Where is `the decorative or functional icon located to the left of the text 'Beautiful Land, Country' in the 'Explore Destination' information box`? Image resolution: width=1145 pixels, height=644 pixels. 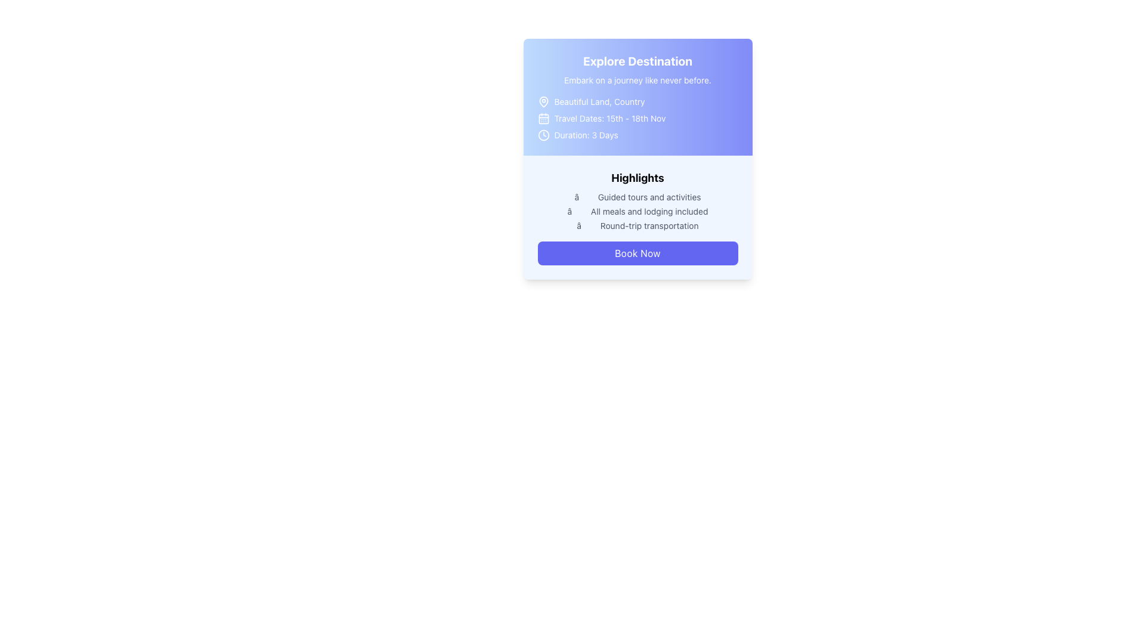 the decorative or functional icon located to the left of the text 'Beautiful Land, Country' in the 'Explore Destination' information box is located at coordinates (543, 101).